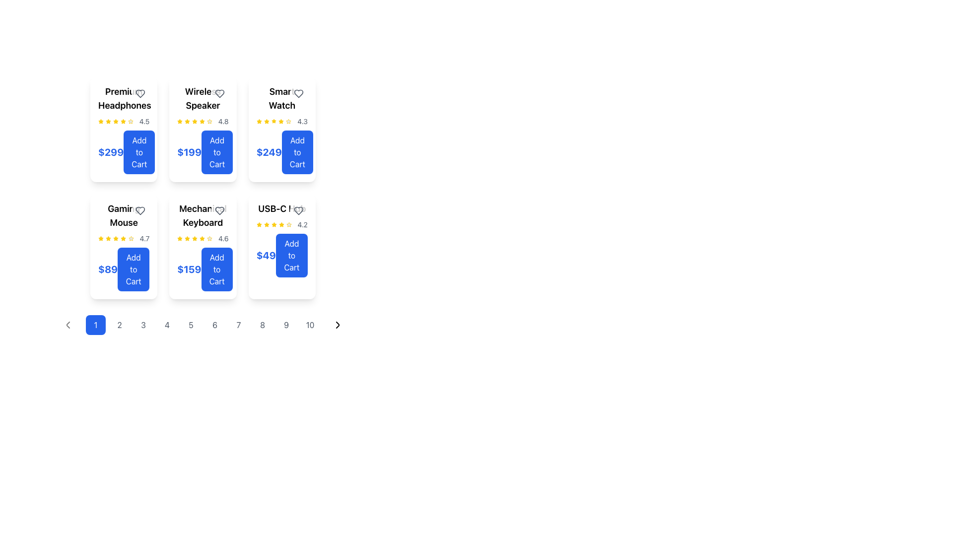 The width and height of the screenshot is (953, 536). Describe the element at coordinates (298, 94) in the screenshot. I see `the heart button located at the top-right corner of the Smart Watch product card to mark it as a favorite` at that location.